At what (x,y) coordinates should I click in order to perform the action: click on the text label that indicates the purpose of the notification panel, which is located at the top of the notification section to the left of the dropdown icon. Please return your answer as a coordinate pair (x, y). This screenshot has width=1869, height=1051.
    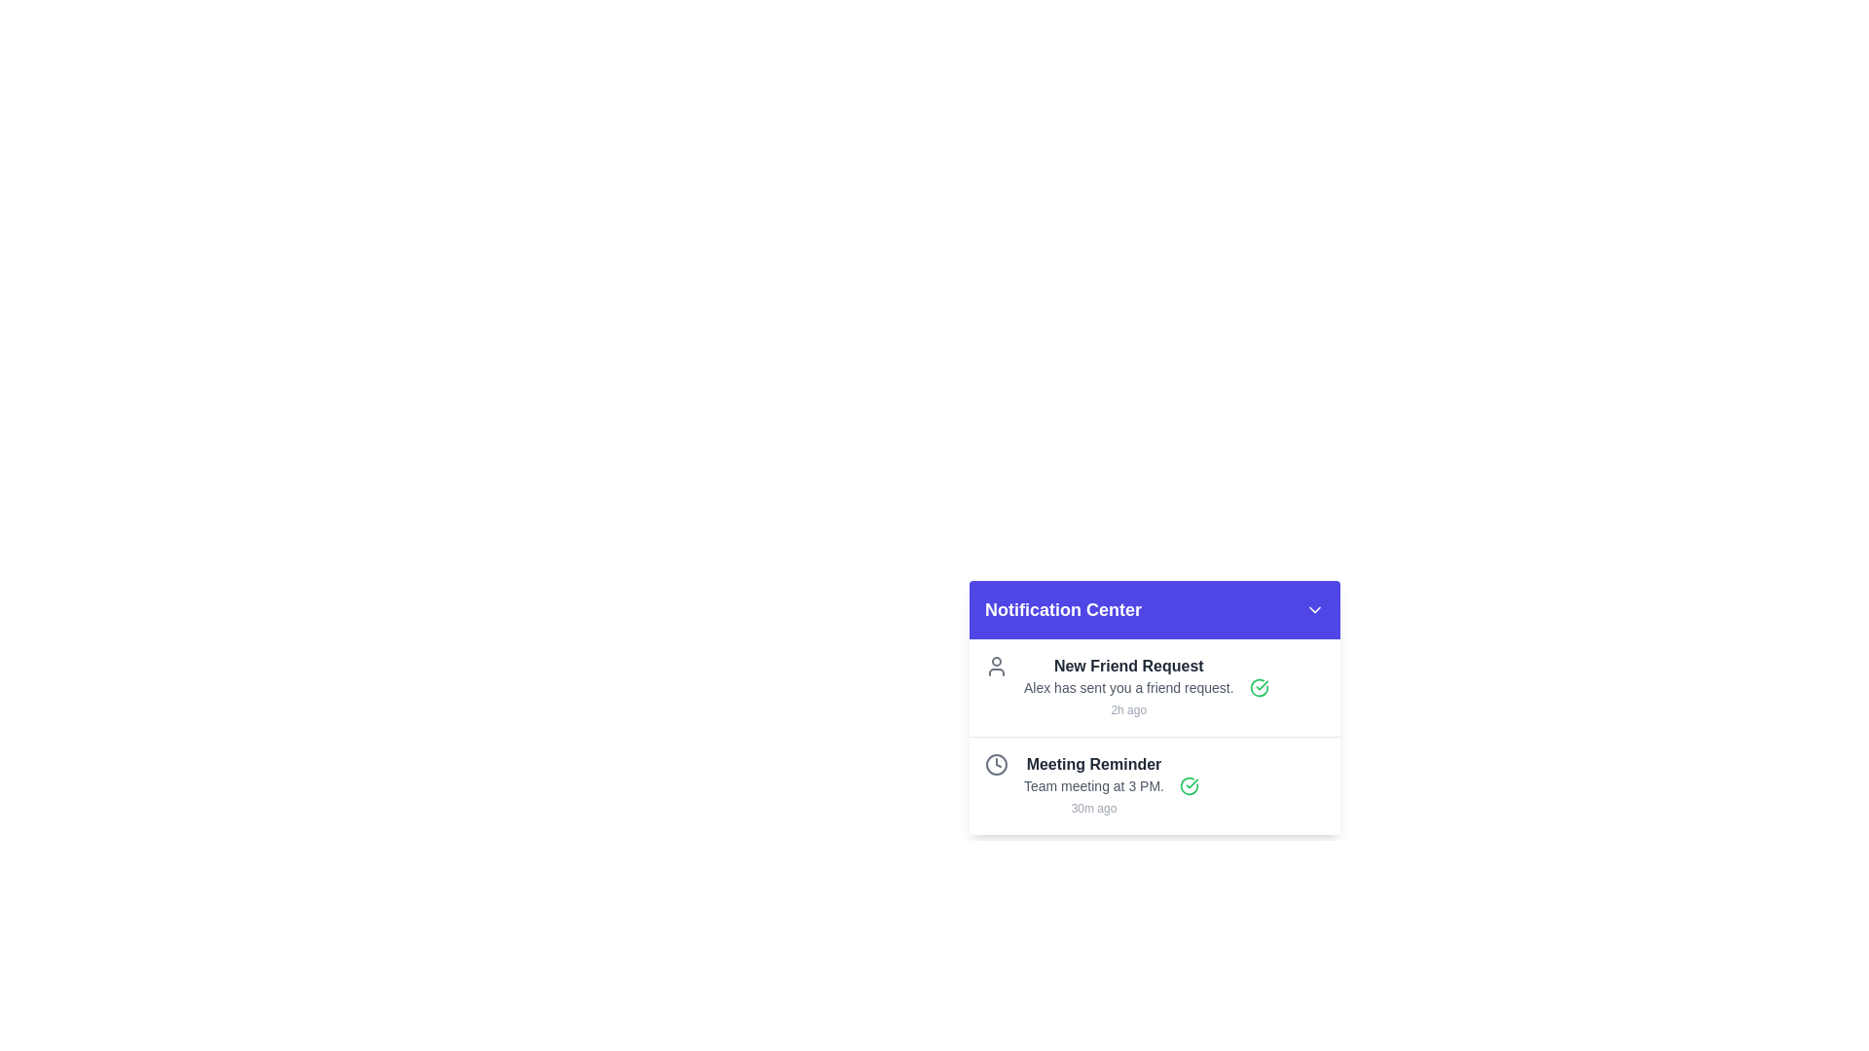
    Looking at the image, I should click on (1062, 609).